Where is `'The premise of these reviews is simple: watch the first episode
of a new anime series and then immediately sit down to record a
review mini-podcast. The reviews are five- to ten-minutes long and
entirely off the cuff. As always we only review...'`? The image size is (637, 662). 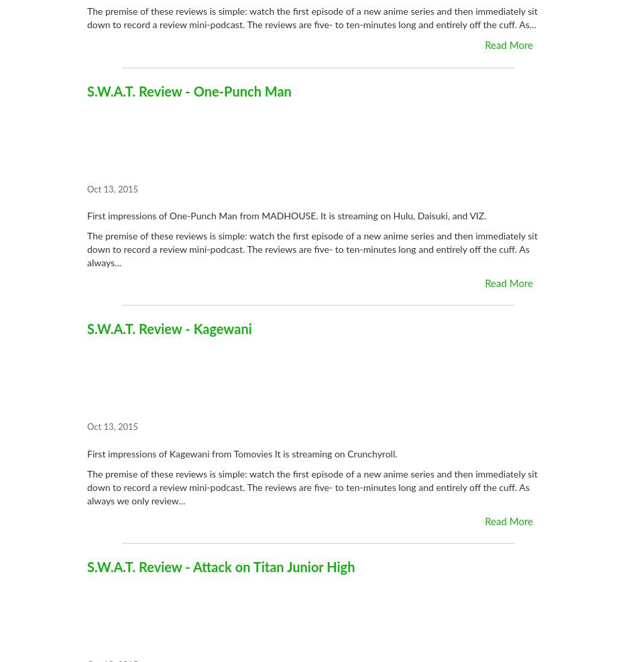
'The premise of these reviews is simple: watch the first episode
of a new anime series and then immediately sit down to record a
review mini-podcast. The reviews are five- to ten-minutes long and
entirely off the cuff. As always we only review...' is located at coordinates (311, 487).